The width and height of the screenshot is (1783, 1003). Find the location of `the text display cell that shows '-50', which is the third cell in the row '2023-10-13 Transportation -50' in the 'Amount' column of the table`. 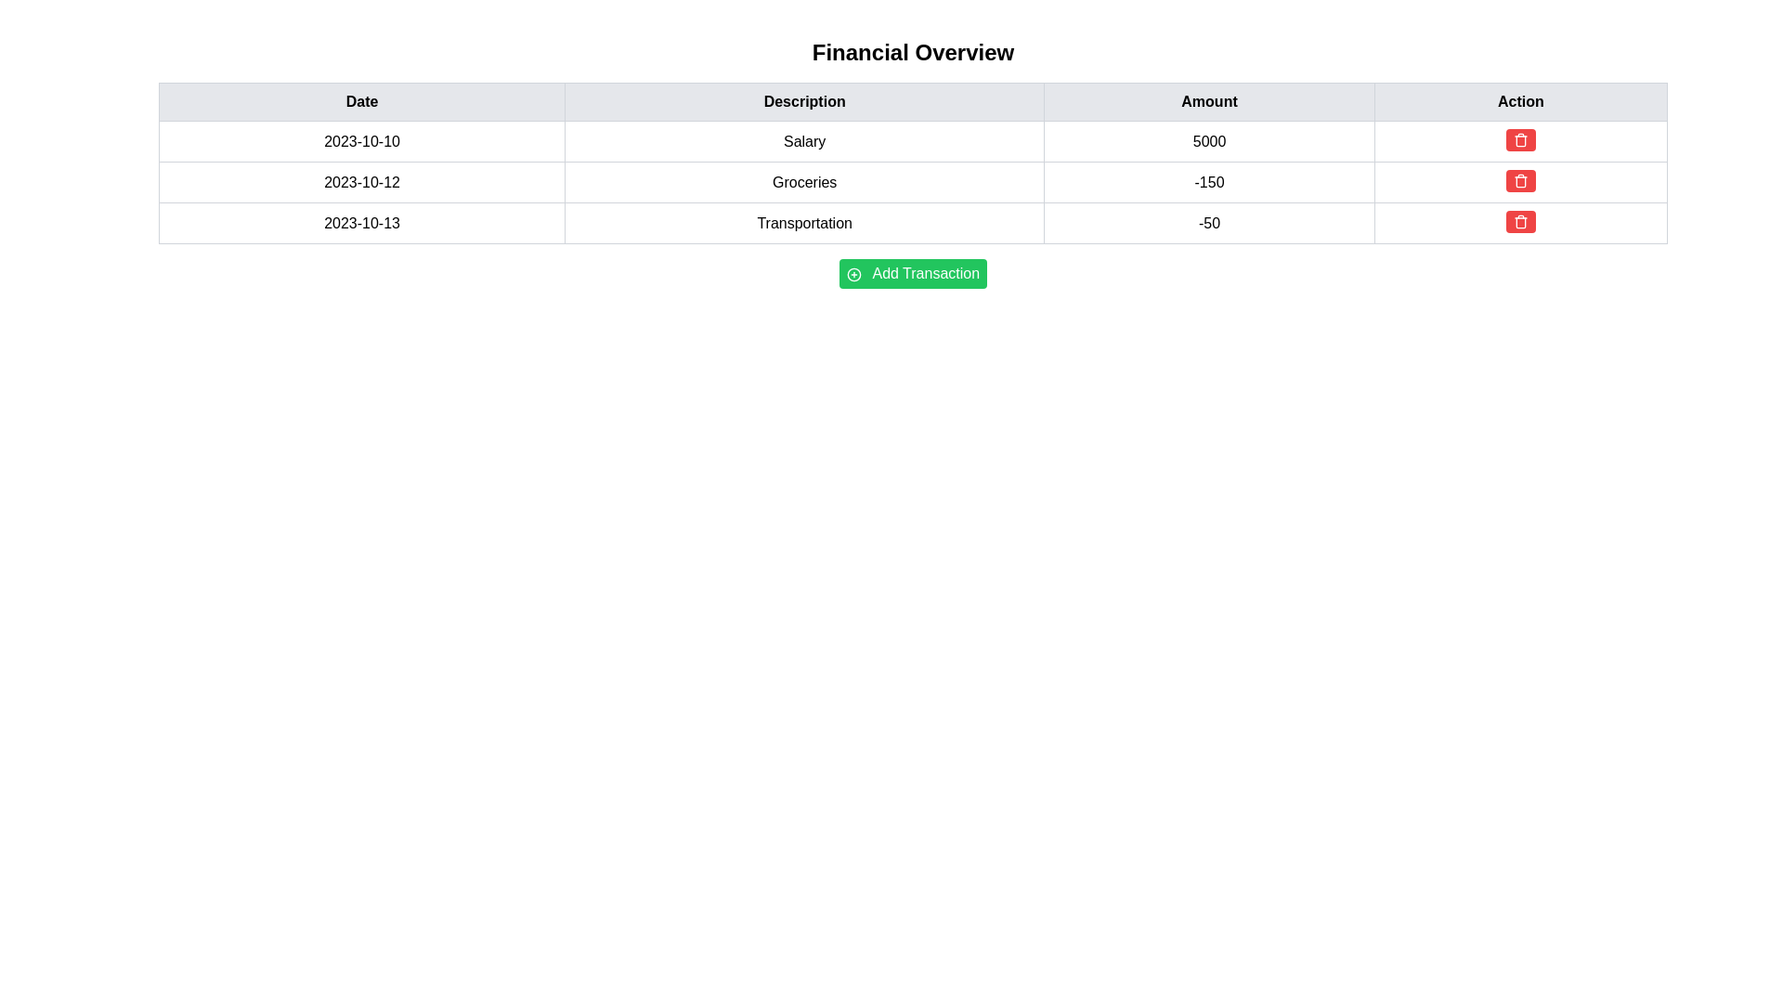

the text display cell that shows '-50', which is the third cell in the row '2023-10-13 Transportation -50' in the 'Amount' column of the table is located at coordinates (1209, 222).